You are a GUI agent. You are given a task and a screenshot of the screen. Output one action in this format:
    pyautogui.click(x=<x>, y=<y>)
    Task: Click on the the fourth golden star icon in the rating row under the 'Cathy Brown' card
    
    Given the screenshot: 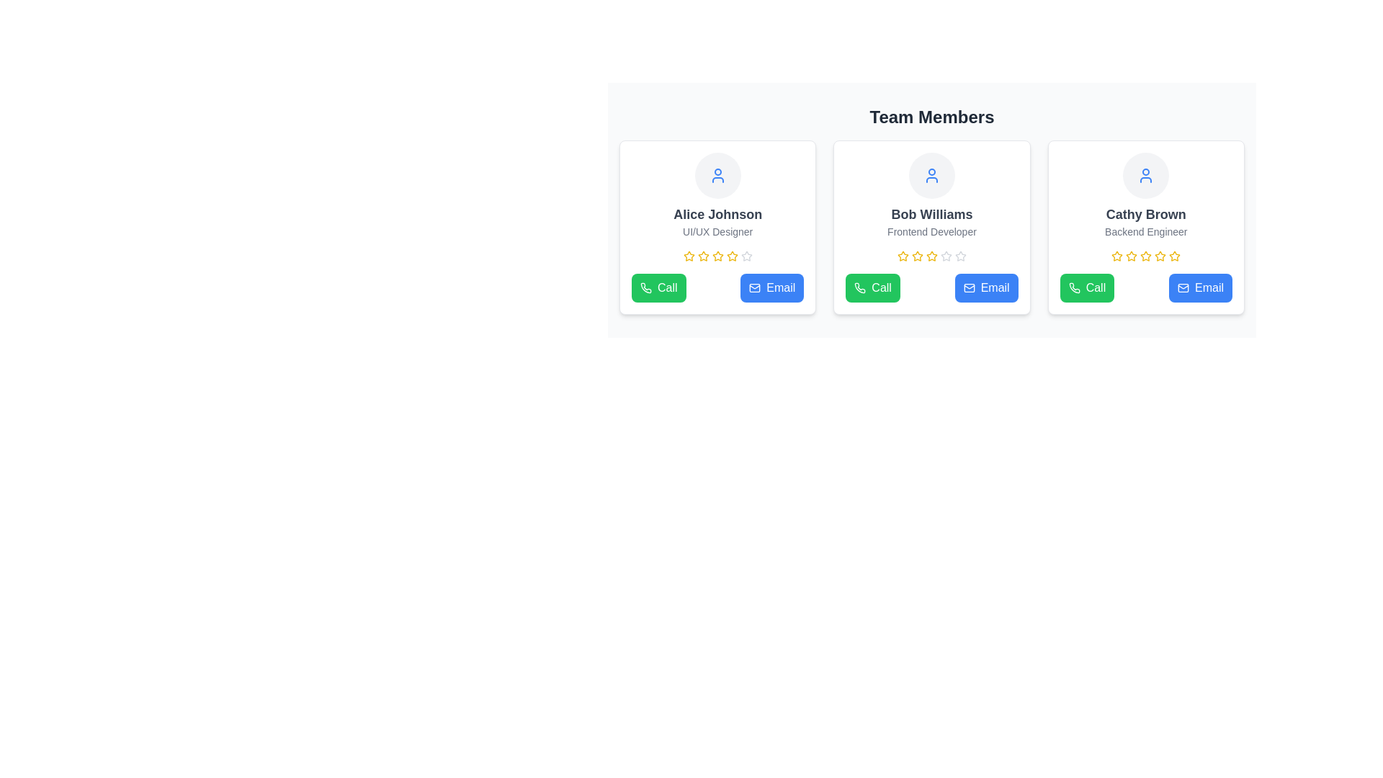 What is the action you would take?
    pyautogui.click(x=1160, y=255)
    